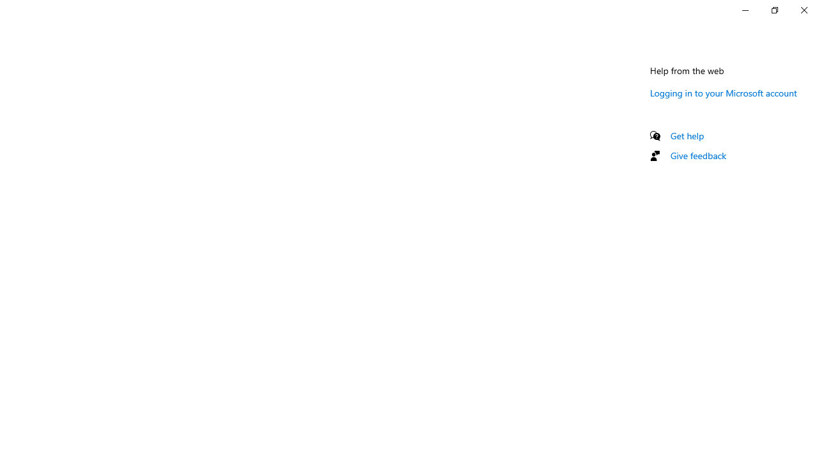 The width and height of the screenshot is (819, 460). I want to click on 'Minimize Settings', so click(745, 10).